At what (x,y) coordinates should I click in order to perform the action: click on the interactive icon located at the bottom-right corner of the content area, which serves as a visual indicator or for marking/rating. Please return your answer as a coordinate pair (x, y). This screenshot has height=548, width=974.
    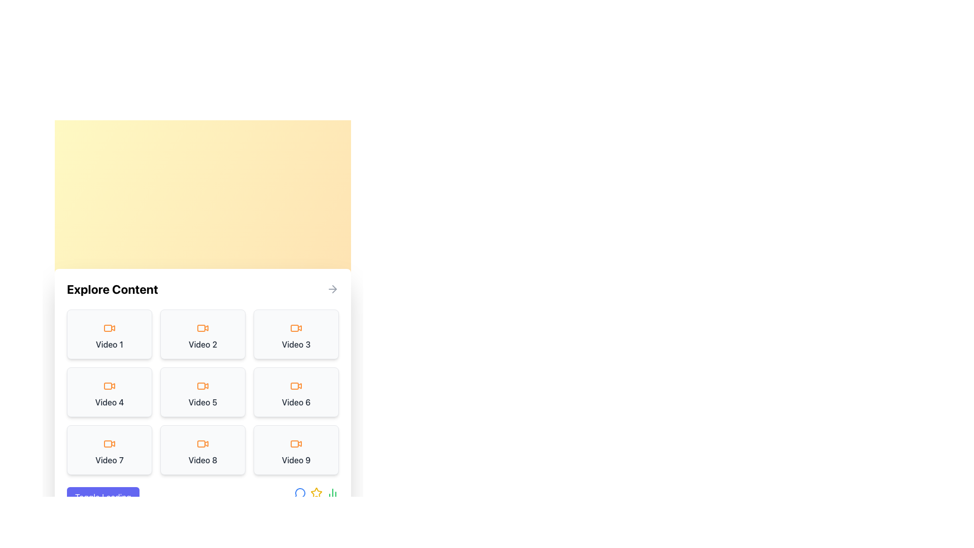
    Looking at the image, I should click on (316, 492).